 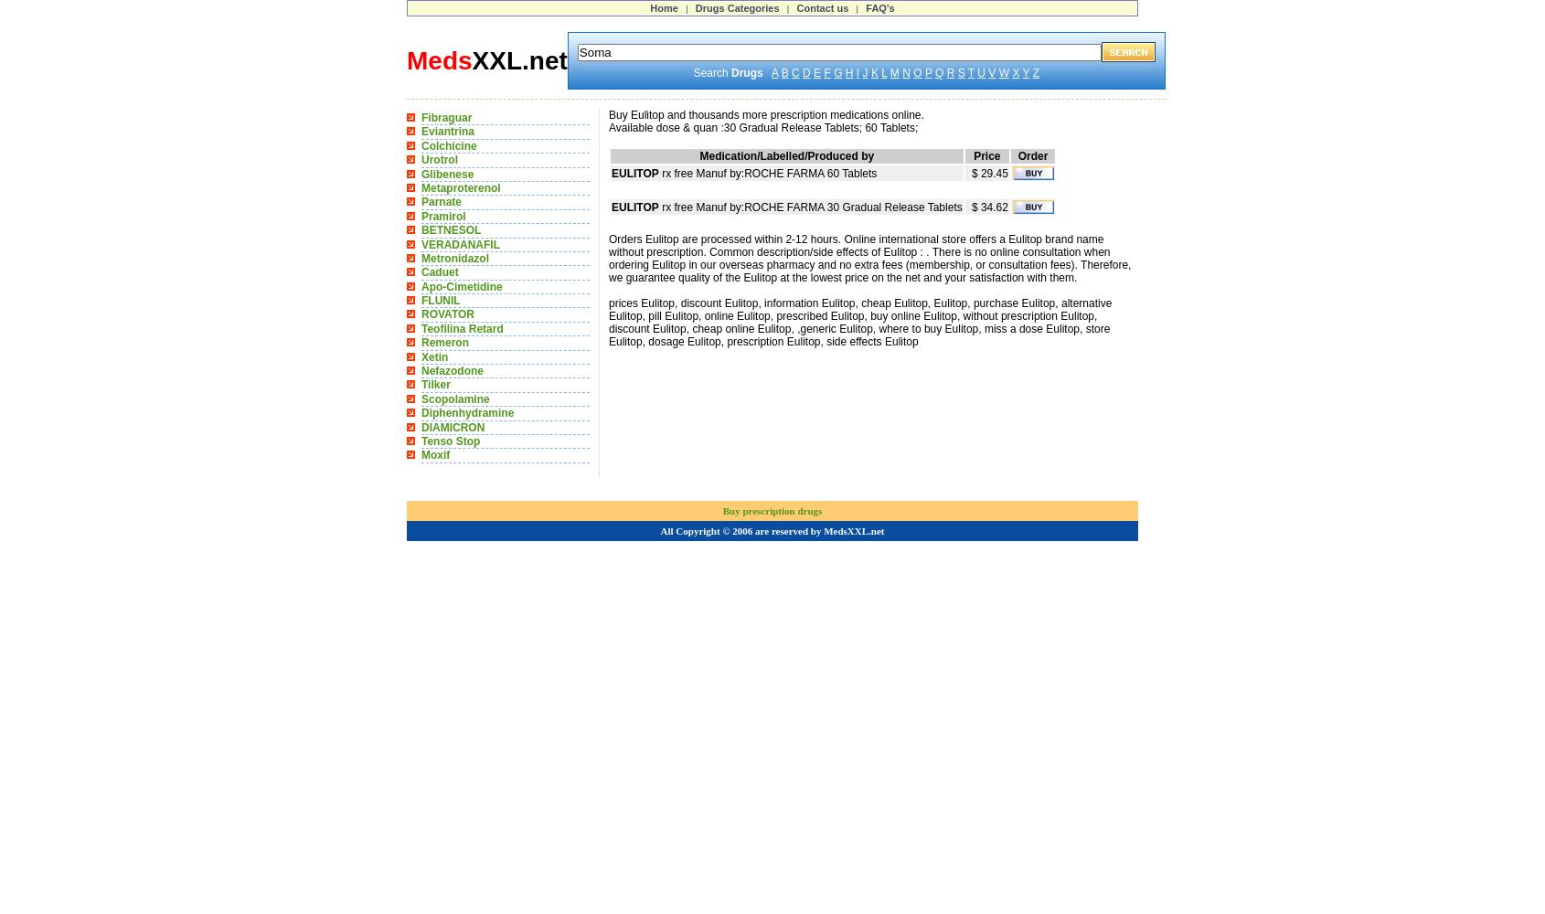 What do you see at coordinates (990, 72) in the screenshot?
I see `'V'` at bounding box center [990, 72].